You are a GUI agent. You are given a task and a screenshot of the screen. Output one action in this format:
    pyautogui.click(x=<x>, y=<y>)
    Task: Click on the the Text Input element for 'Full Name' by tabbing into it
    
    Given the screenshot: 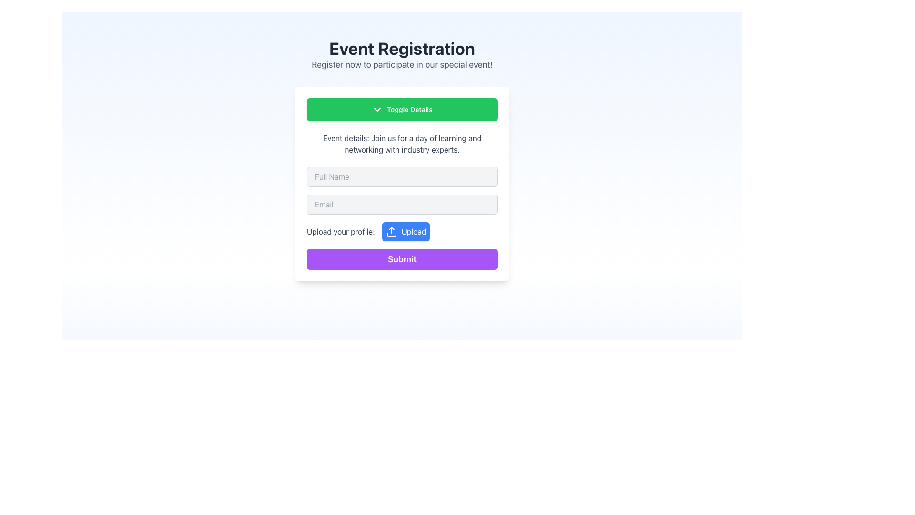 What is the action you would take?
    pyautogui.click(x=402, y=176)
    